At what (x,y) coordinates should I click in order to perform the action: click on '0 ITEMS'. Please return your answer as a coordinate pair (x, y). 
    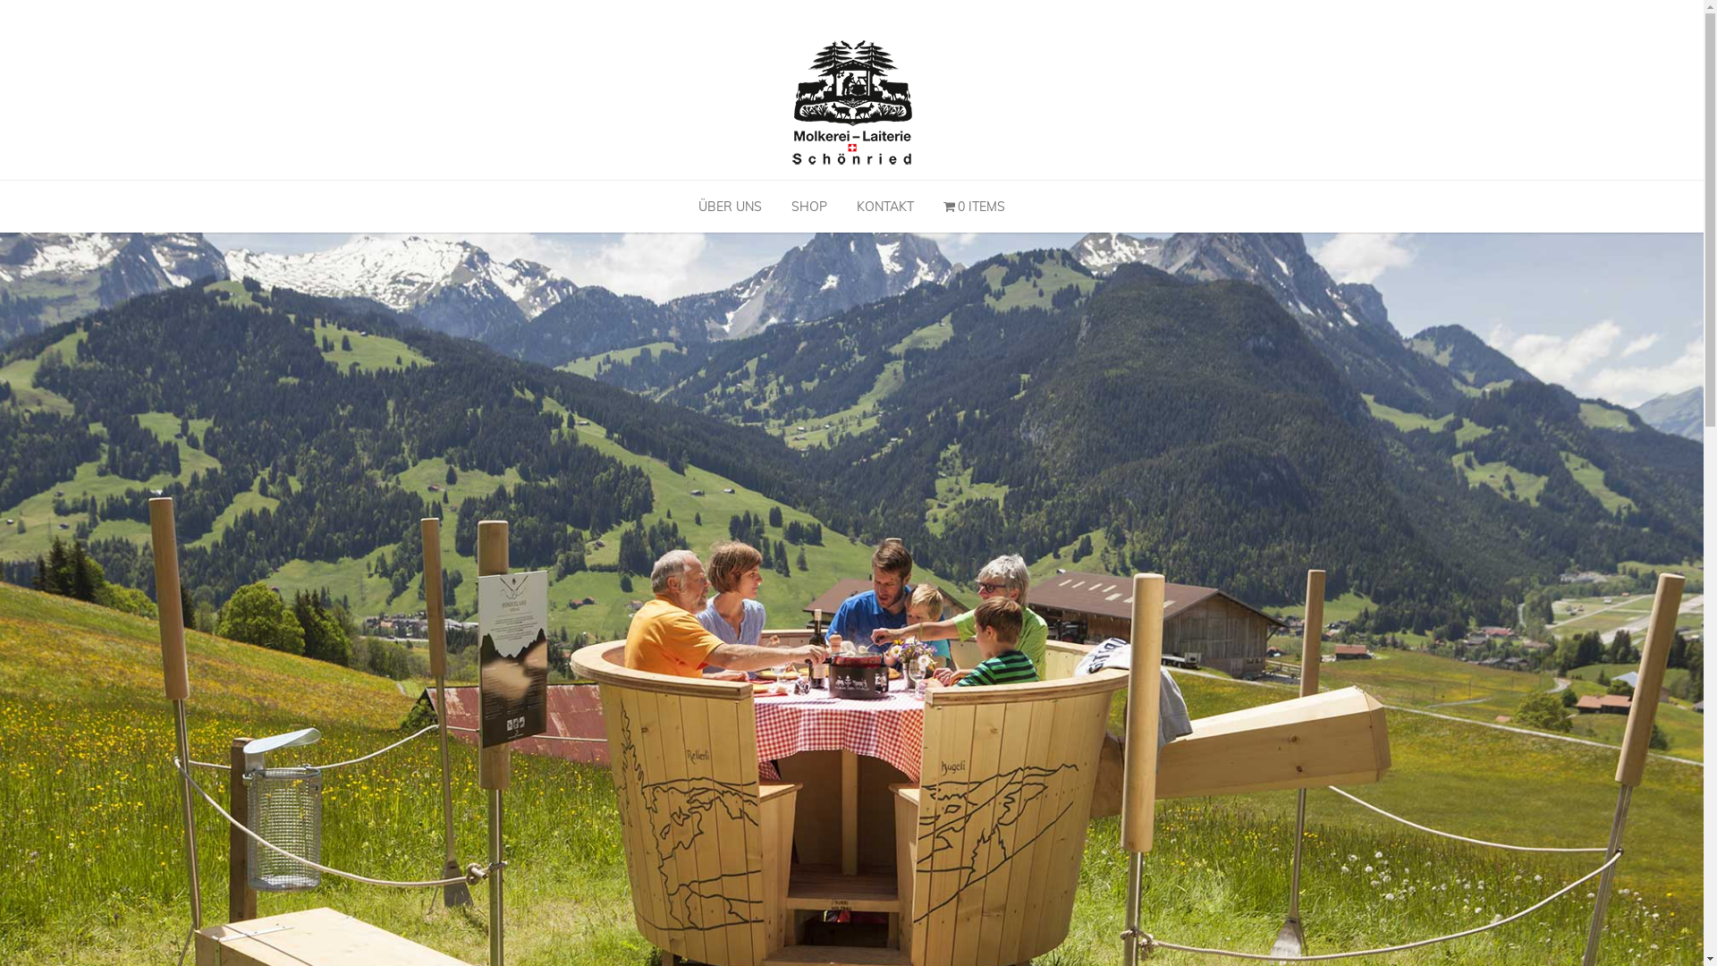
    Looking at the image, I should click on (973, 206).